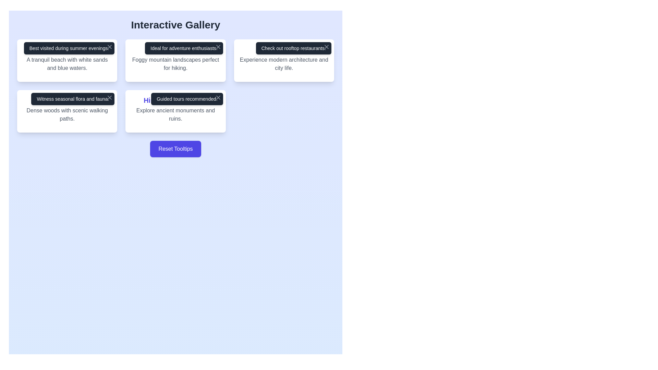 The image size is (658, 370). Describe the element at coordinates (184, 48) in the screenshot. I see `text content of the label or badge that provides additional information about 'Mystic Mountains', located in the second card of the top row, towards the top right corner` at that location.